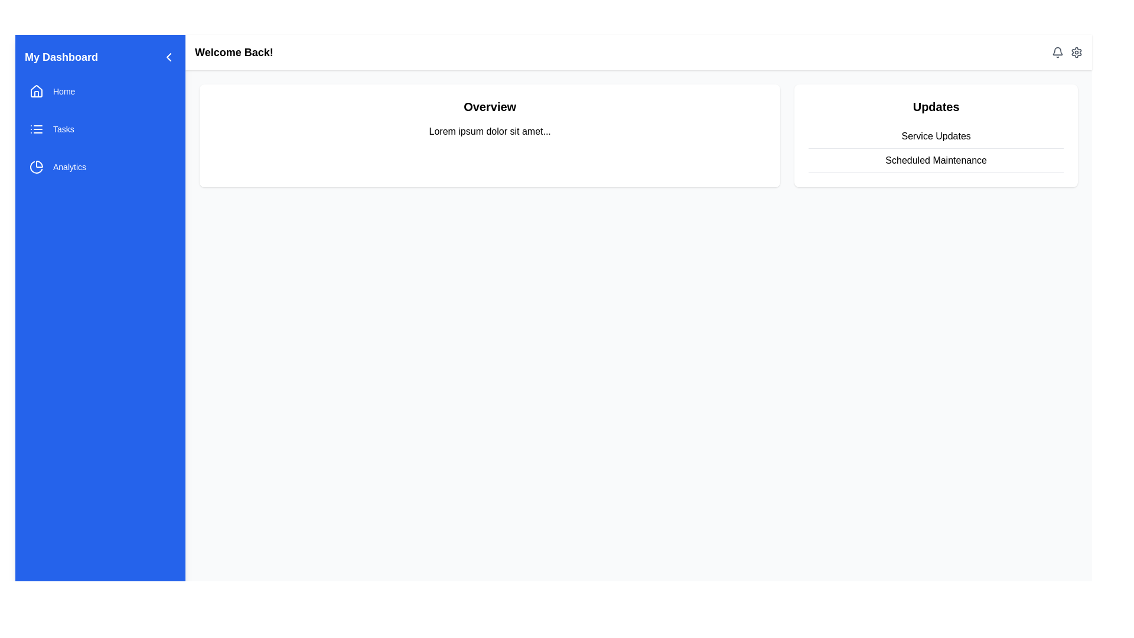  Describe the element at coordinates (100, 129) in the screenshot. I see `the second menu item in the vertical list of menu options in the sidebar` at that location.